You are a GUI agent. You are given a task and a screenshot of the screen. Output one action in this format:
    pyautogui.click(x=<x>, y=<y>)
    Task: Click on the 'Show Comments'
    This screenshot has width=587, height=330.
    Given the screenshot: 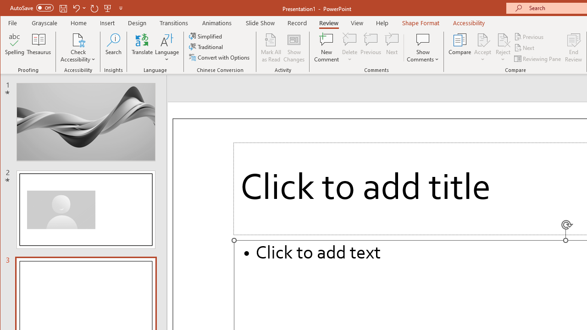 What is the action you would take?
    pyautogui.click(x=422, y=39)
    